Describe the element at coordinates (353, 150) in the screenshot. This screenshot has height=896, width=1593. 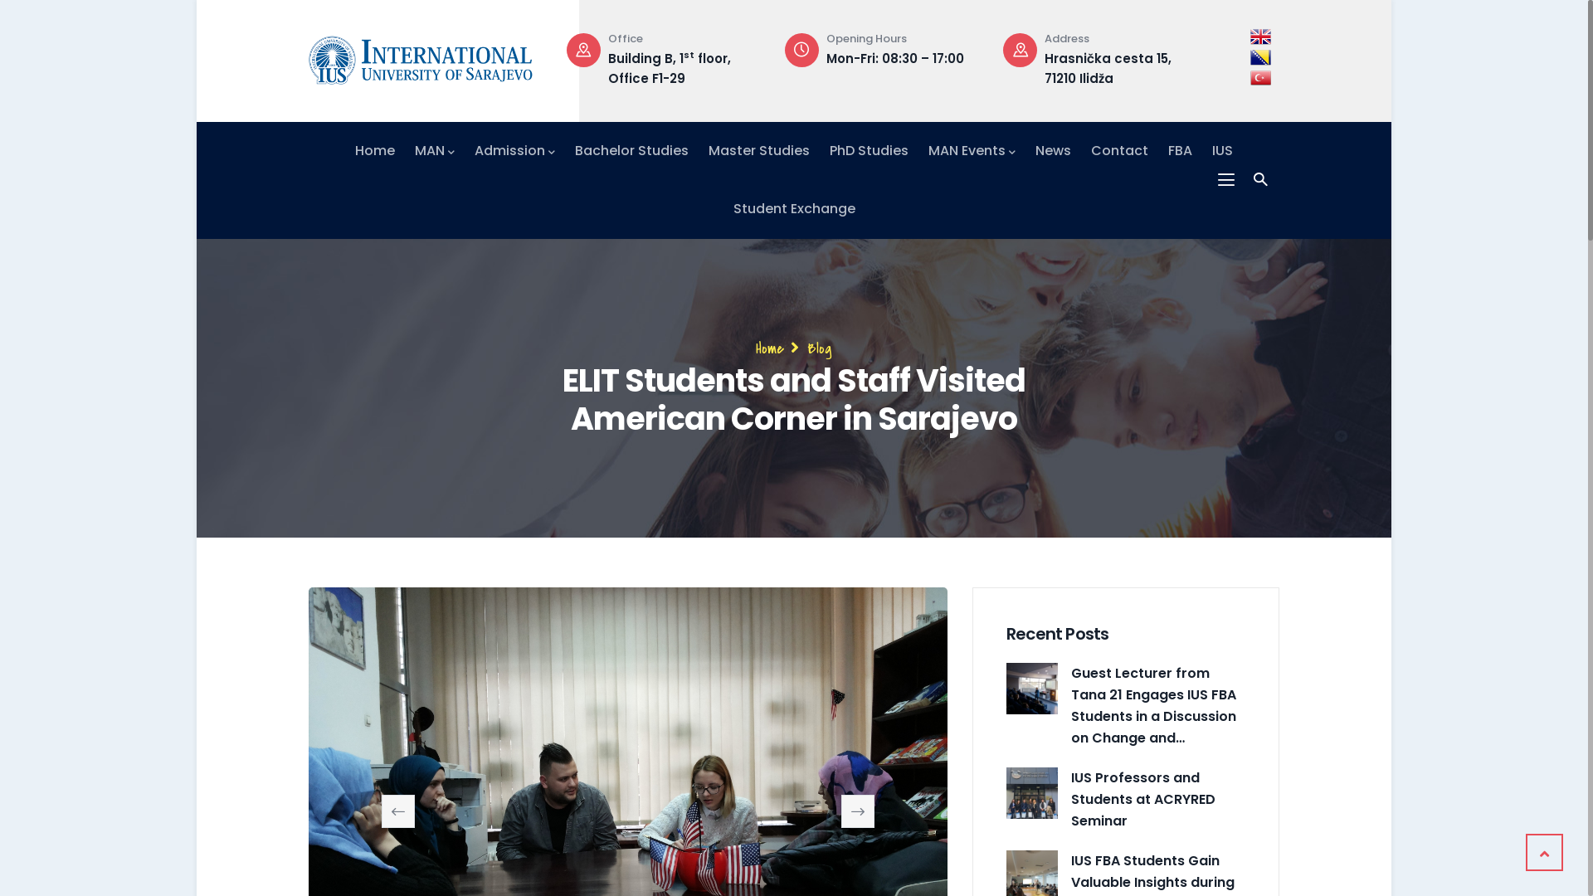
I see `'Home'` at that location.